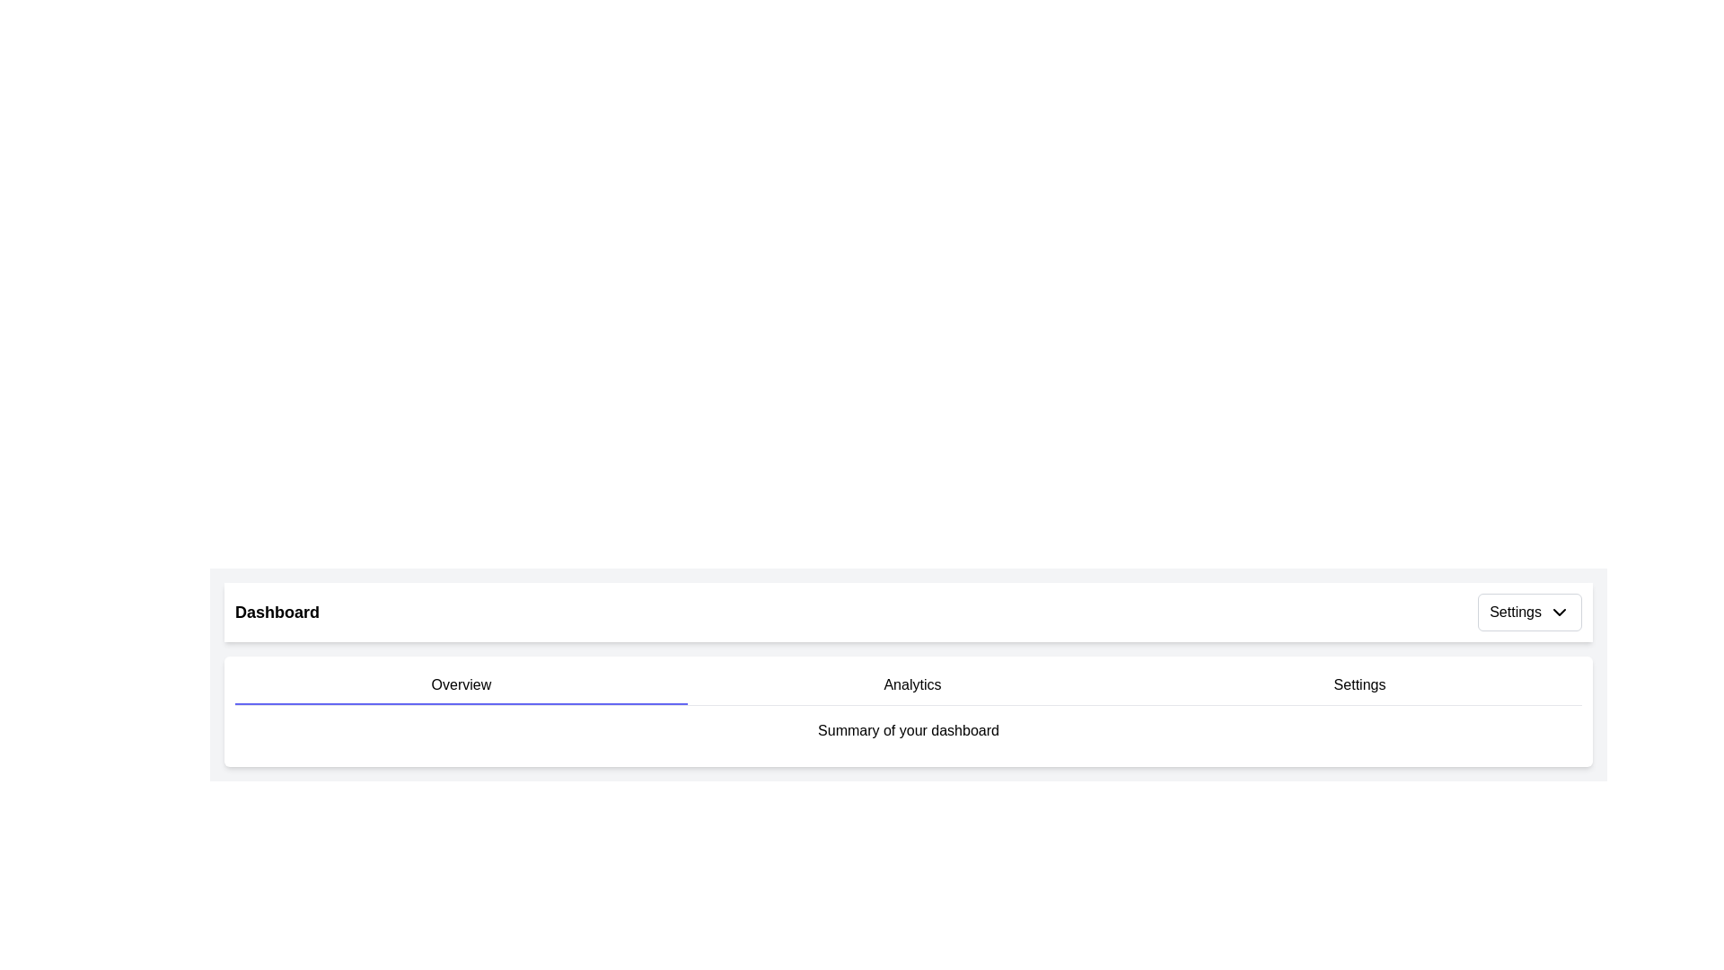  I want to click on the 'Settings' dropdown indicator icon located in the top-right area of the interface, so click(1559, 612).